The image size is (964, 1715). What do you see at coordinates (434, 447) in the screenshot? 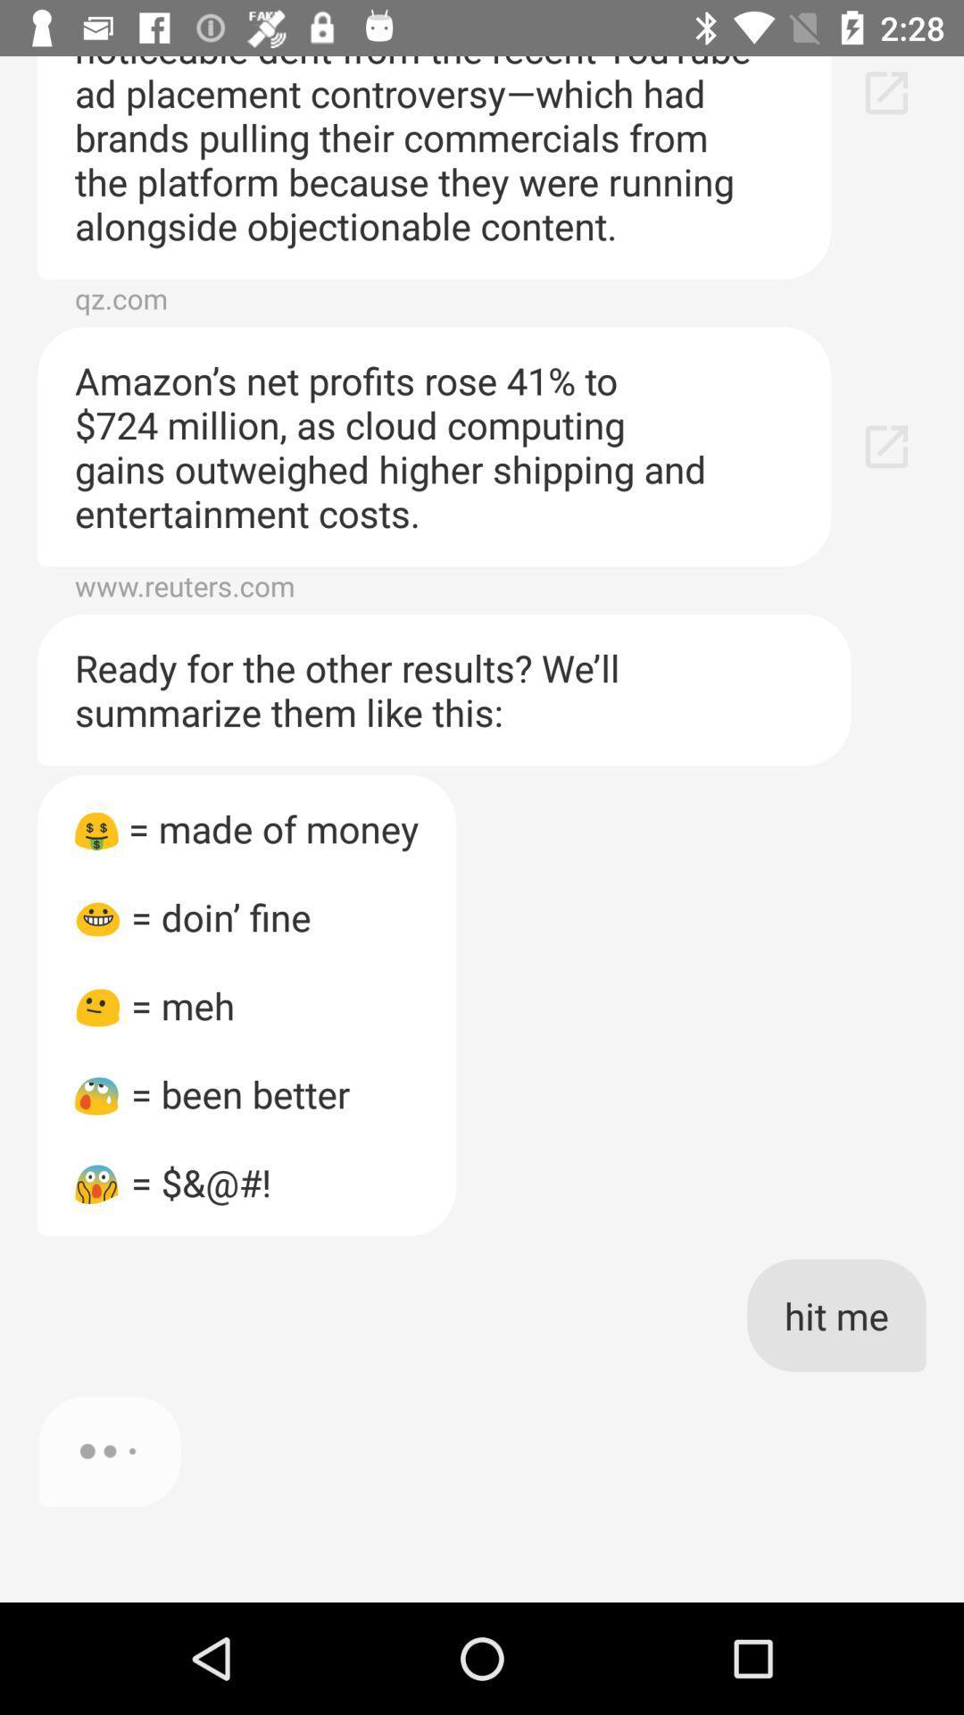
I see `icon below the qz.com icon` at bounding box center [434, 447].